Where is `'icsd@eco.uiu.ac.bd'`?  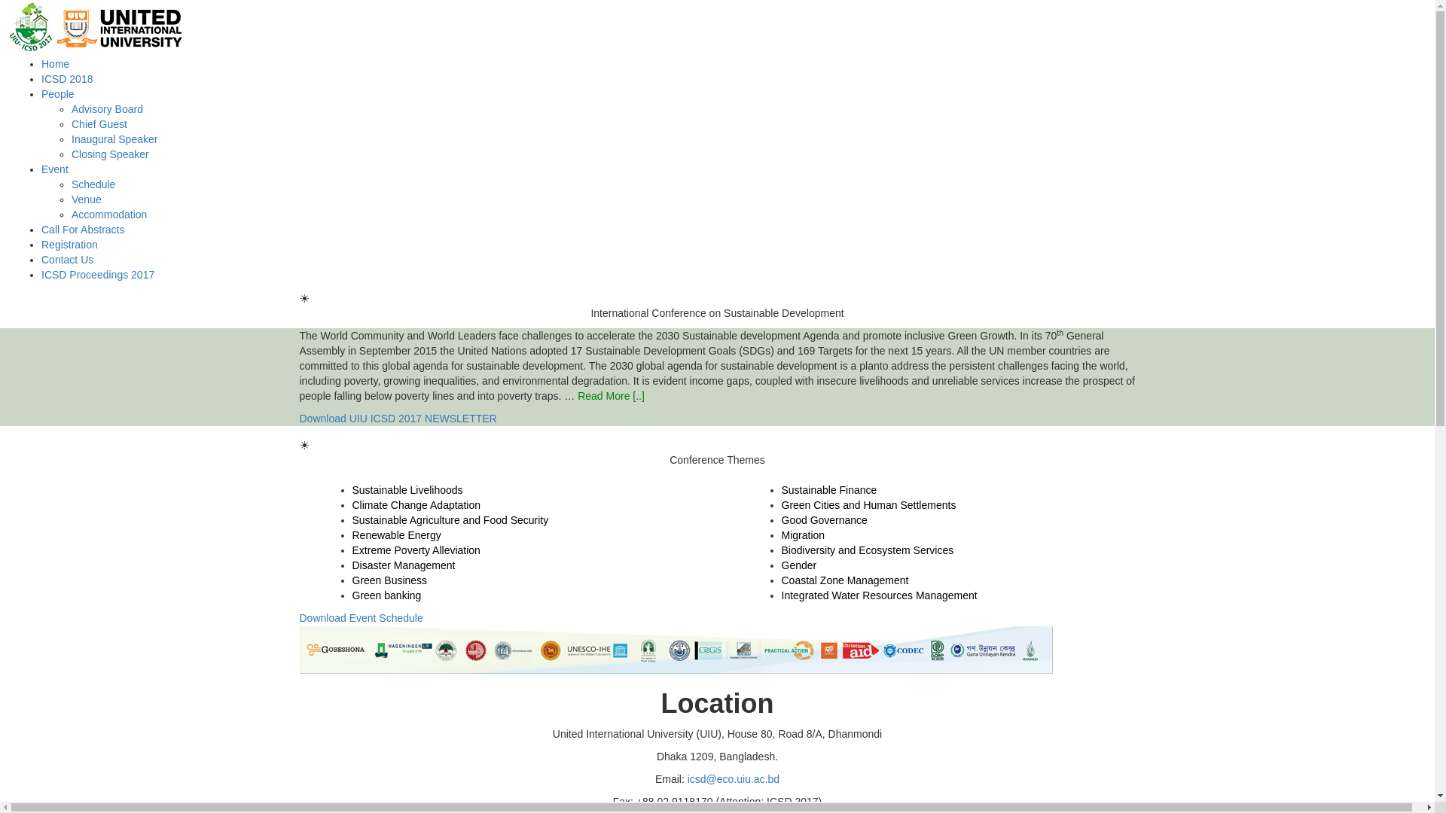
'icsd@eco.uiu.ac.bd' is located at coordinates (734, 778).